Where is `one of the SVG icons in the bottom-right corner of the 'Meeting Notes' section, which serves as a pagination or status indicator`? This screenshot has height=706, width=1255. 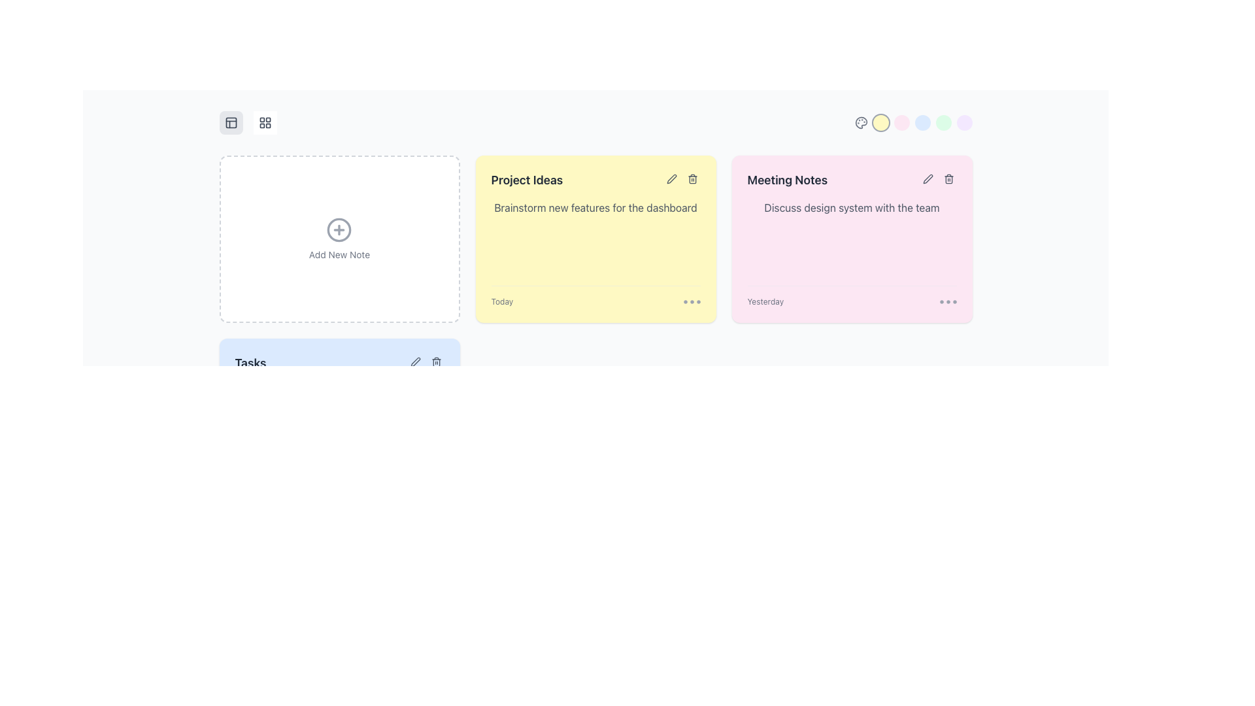
one of the SVG icons in the bottom-right corner of the 'Meeting Notes' section, which serves as a pagination or status indicator is located at coordinates (948, 302).